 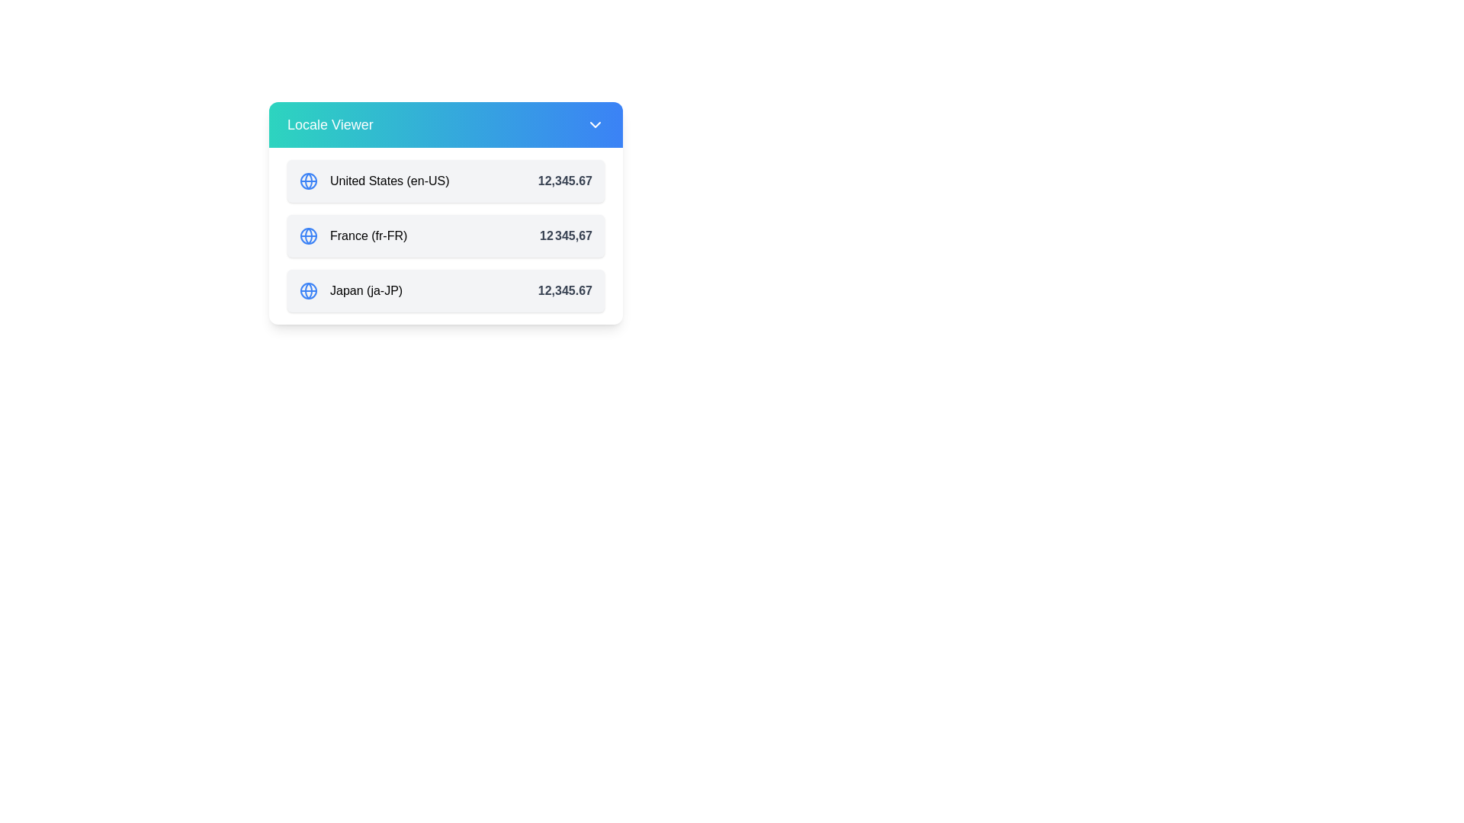 What do you see at coordinates (564, 181) in the screenshot?
I see `displayed numeric value '12,345.67' from the text label UI component, which is styled in bold gray and located to the right of 'United States (en-US)'` at bounding box center [564, 181].